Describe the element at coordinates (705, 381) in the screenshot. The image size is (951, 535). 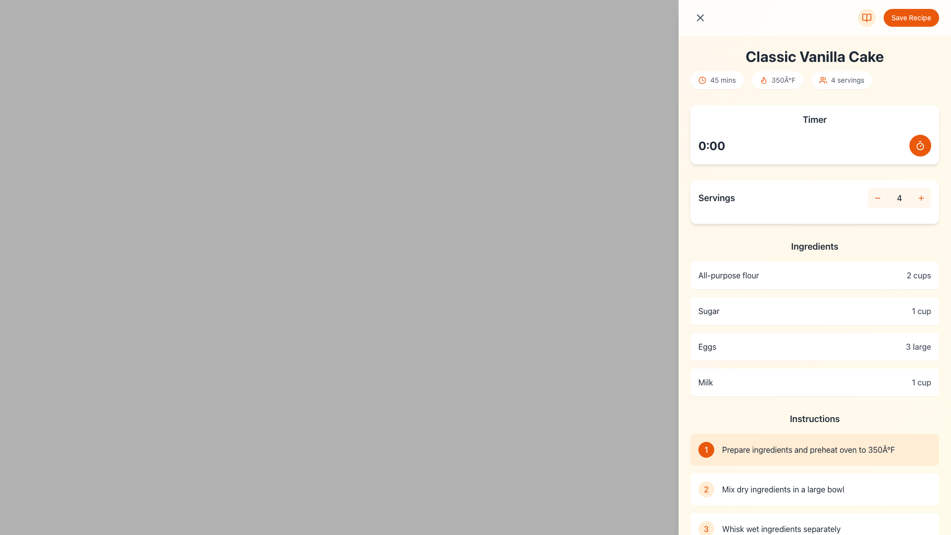
I see `the text label displaying 'Milk' in the 'Ingredients' section, which is styled in bold, dark gray font against a light background` at that location.